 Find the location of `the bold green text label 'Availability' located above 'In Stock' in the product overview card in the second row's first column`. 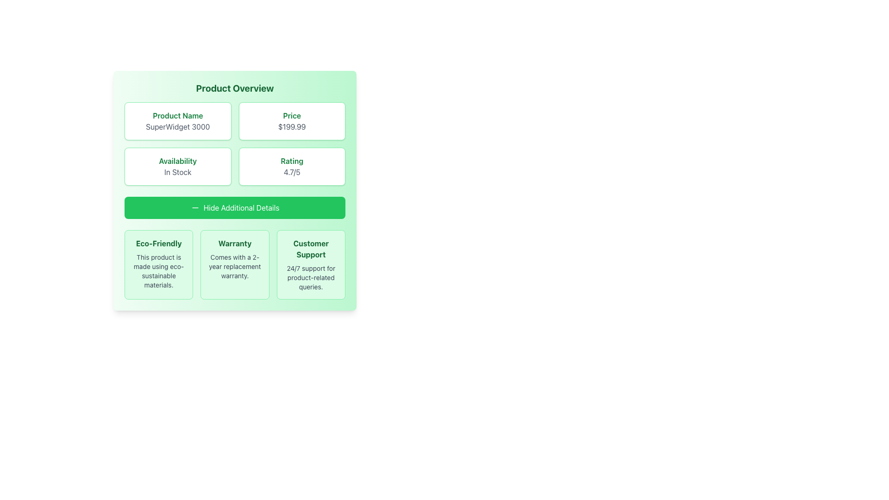

the bold green text label 'Availability' located above 'In Stock' in the product overview card in the second row's first column is located at coordinates (178, 160).